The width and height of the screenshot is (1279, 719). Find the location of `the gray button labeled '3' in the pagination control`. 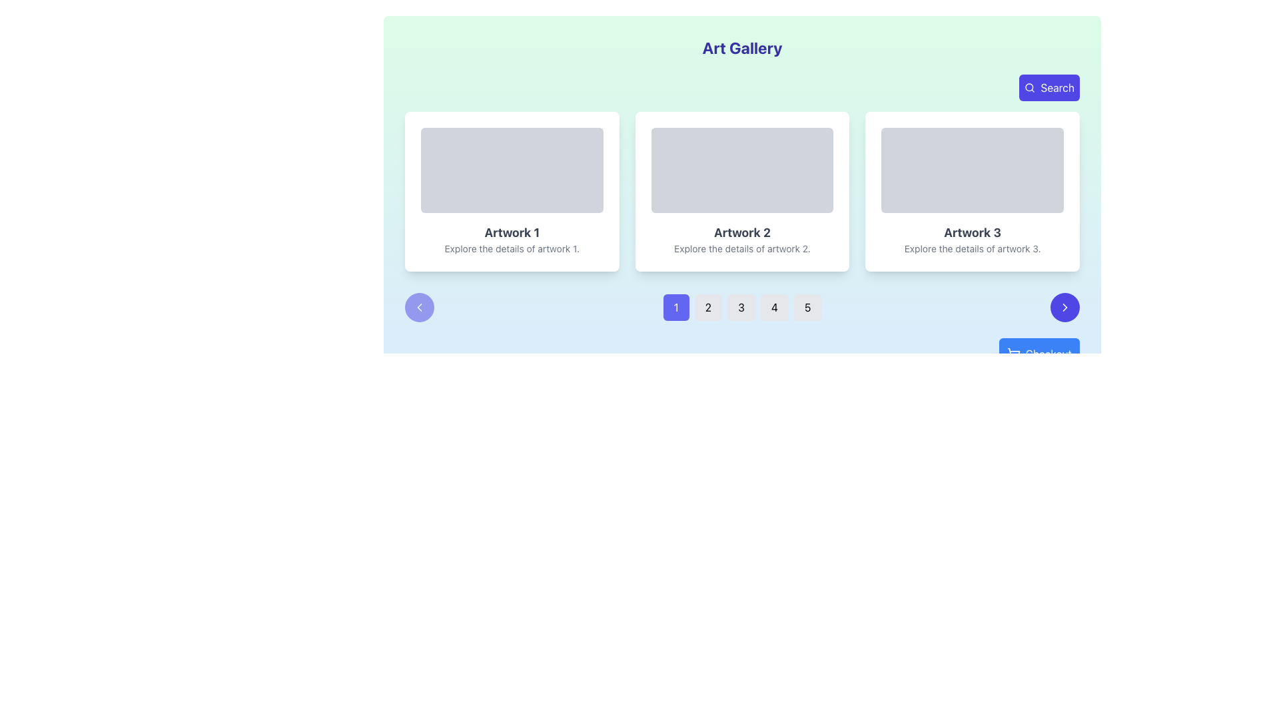

the gray button labeled '3' in the pagination control is located at coordinates (741, 308).